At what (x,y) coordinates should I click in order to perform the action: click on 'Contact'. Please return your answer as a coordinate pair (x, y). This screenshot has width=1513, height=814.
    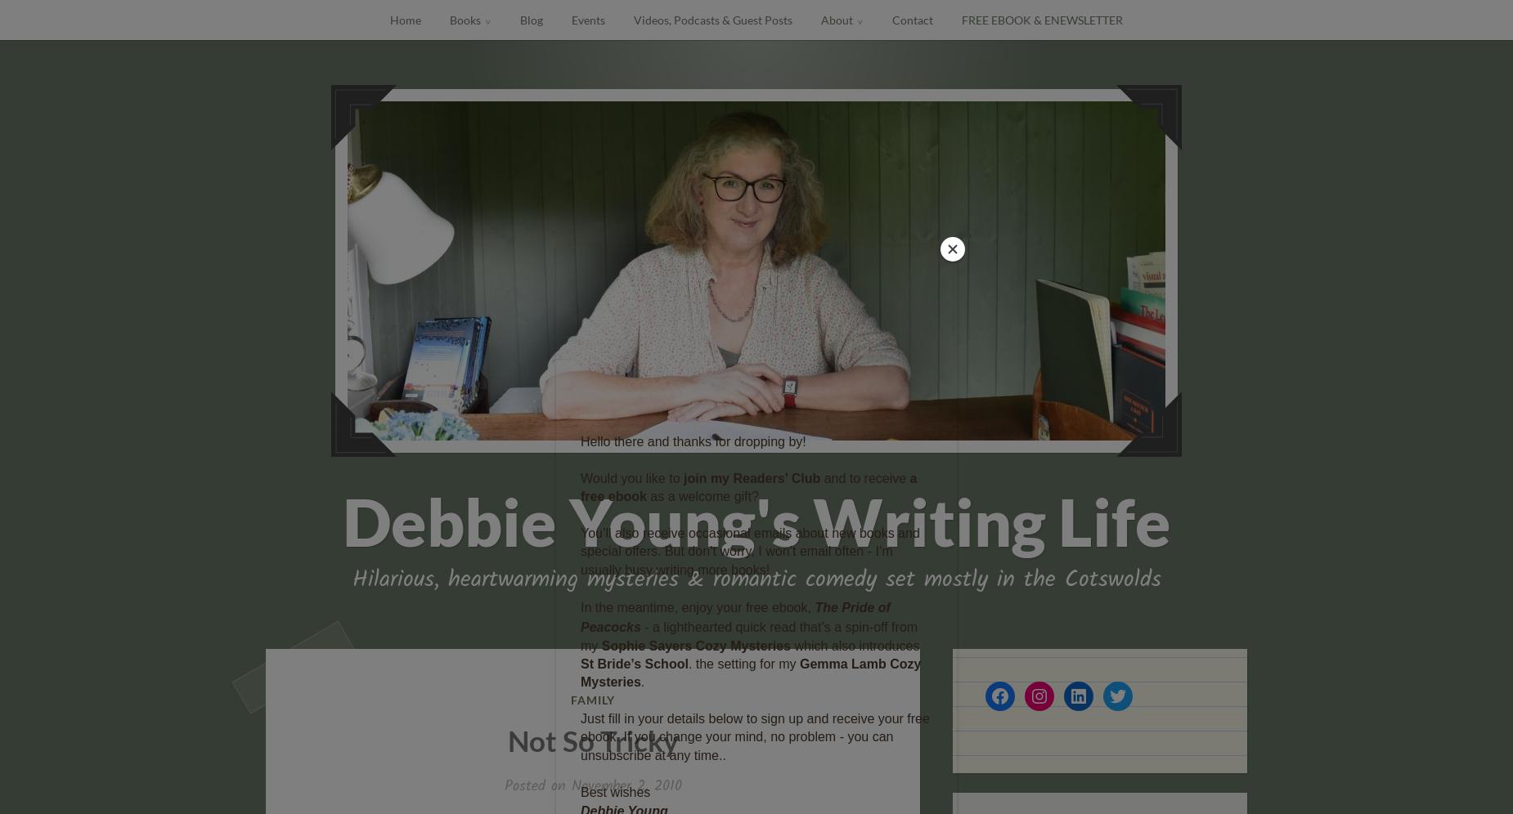
    Looking at the image, I should click on (891, 20).